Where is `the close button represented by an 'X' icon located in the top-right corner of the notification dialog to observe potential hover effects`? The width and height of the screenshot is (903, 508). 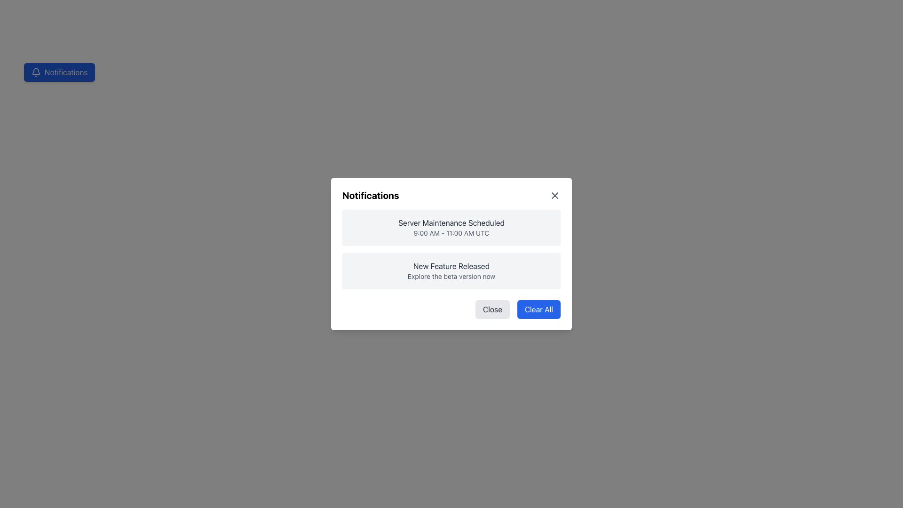
the close button represented by an 'X' icon located in the top-right corner of the notification dialog to observe potential hover effects is located at coordinates (555, 195).